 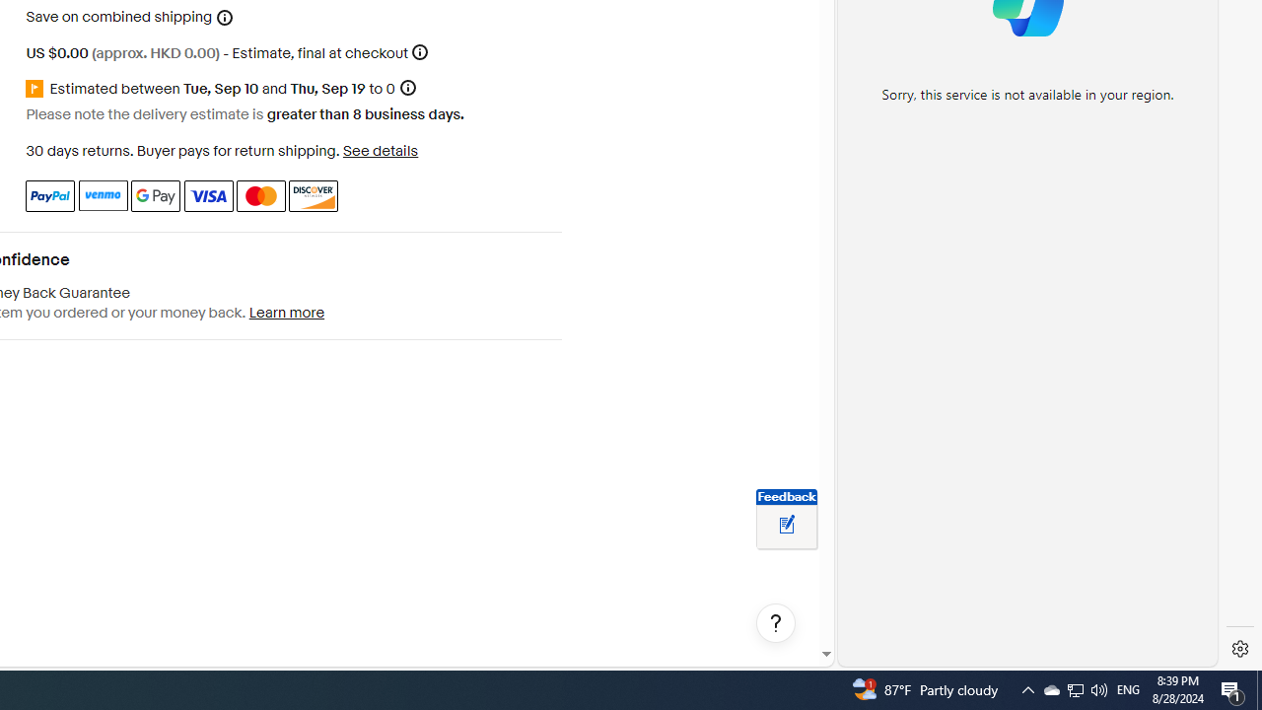 I want to click on 'More information on Combined Shipping. Opens a layer.', so click(x=225, y=17).